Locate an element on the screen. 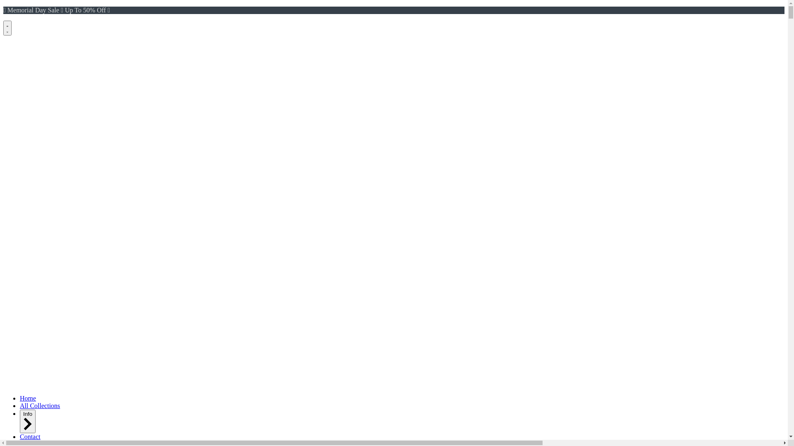 This screenshot has height=446, width=794. 'Info' is located at coordinates (28, 421).